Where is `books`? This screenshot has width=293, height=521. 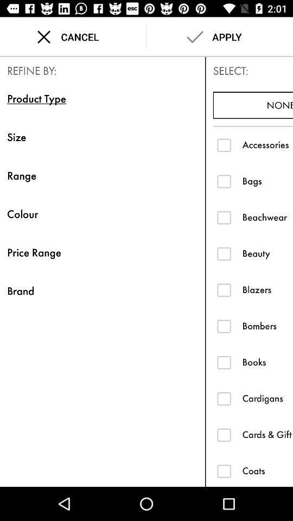 books is located at coordinates (267, 362).